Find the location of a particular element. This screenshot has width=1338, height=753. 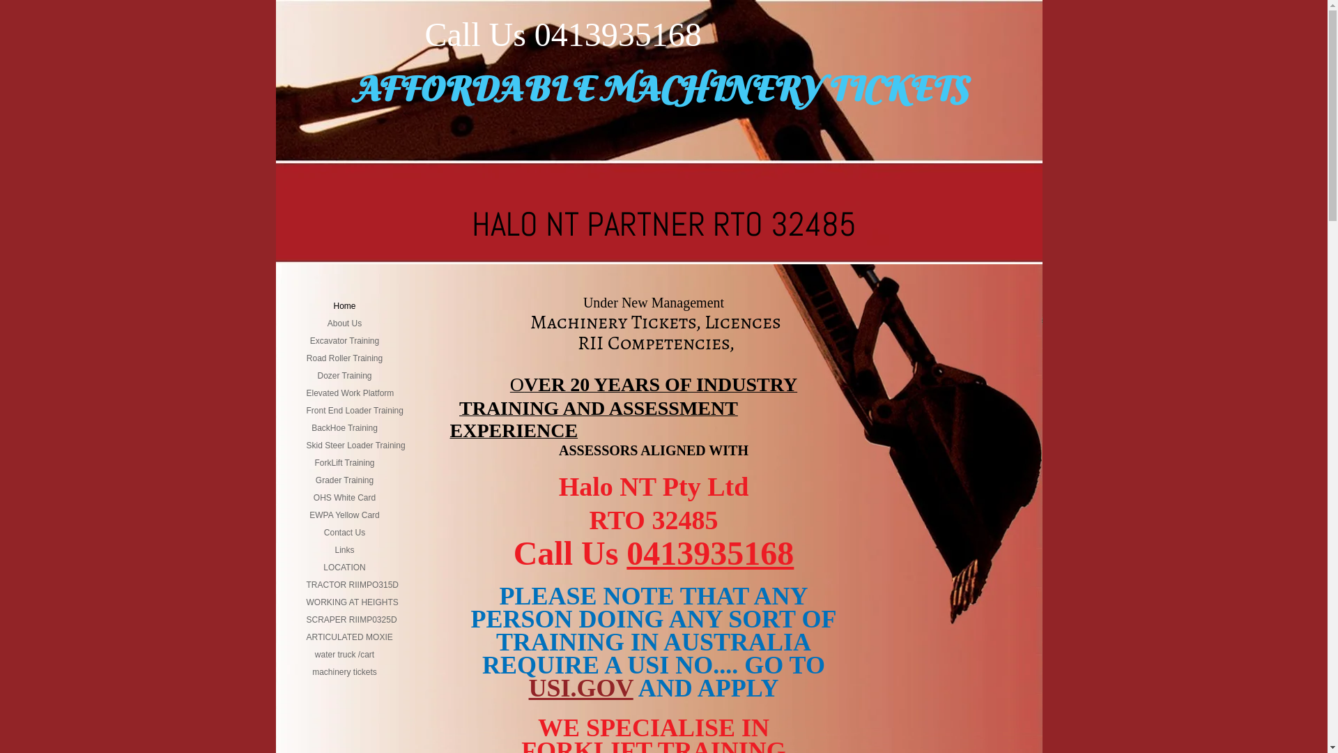

'Elevated Work Platform' is located at coordinates (351, 393).